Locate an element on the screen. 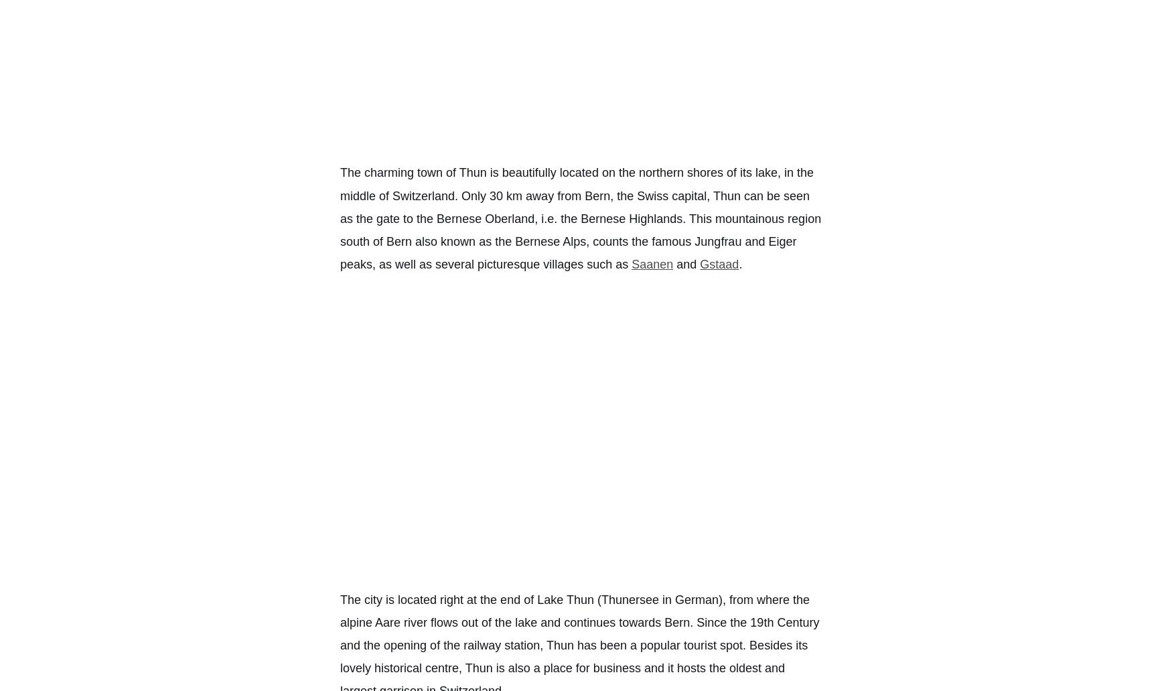  'Bernese Highlands' is located at coordinates (631, 218).